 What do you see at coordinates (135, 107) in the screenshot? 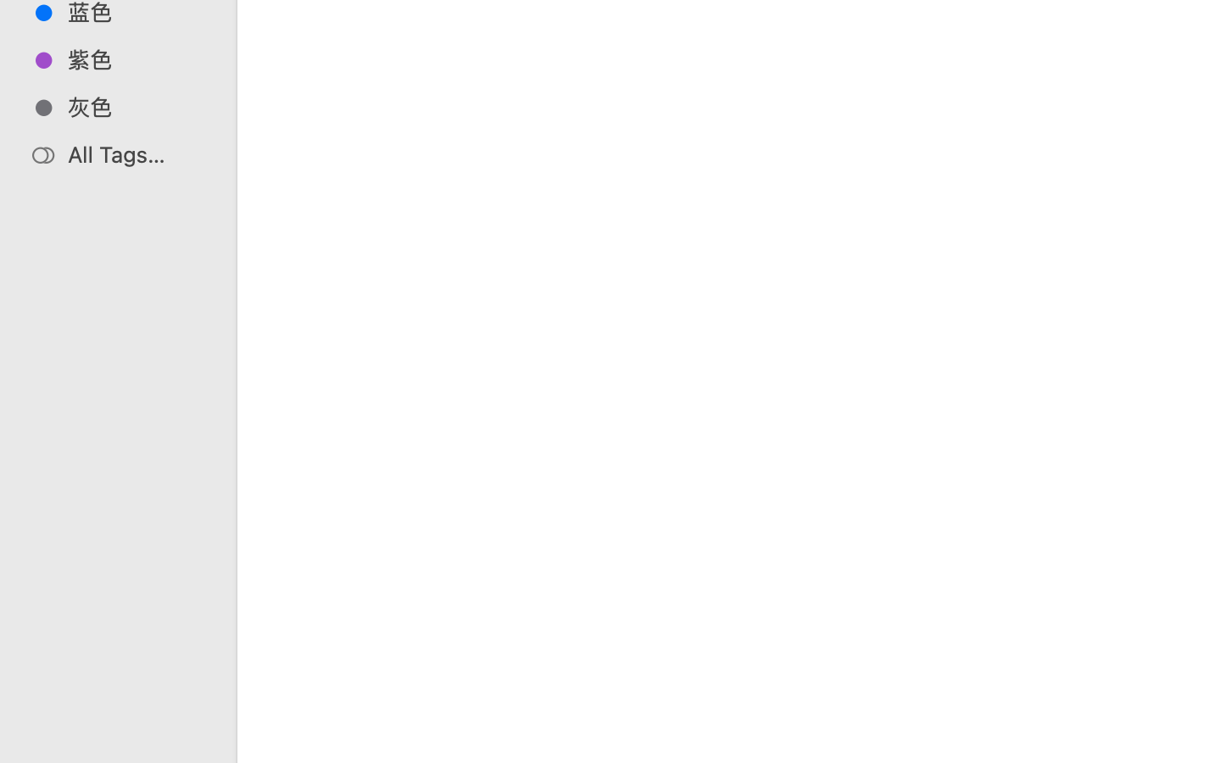
I see `'灰色'` at bounding box center [135, 107].